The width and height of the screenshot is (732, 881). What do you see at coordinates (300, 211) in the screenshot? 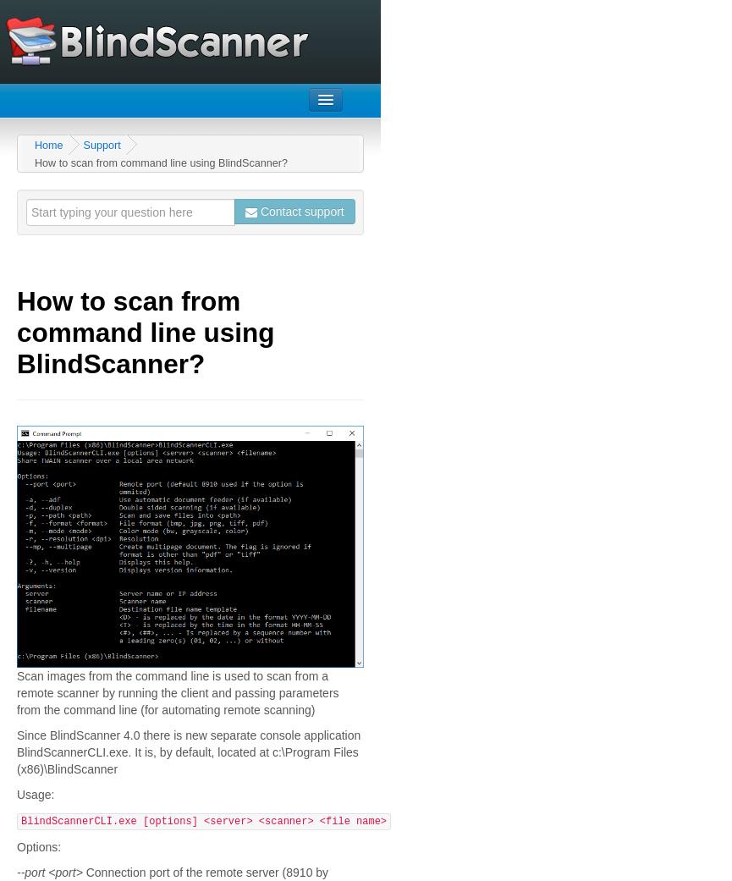
I see `'Contact support'` at bounding box center [300, 211].